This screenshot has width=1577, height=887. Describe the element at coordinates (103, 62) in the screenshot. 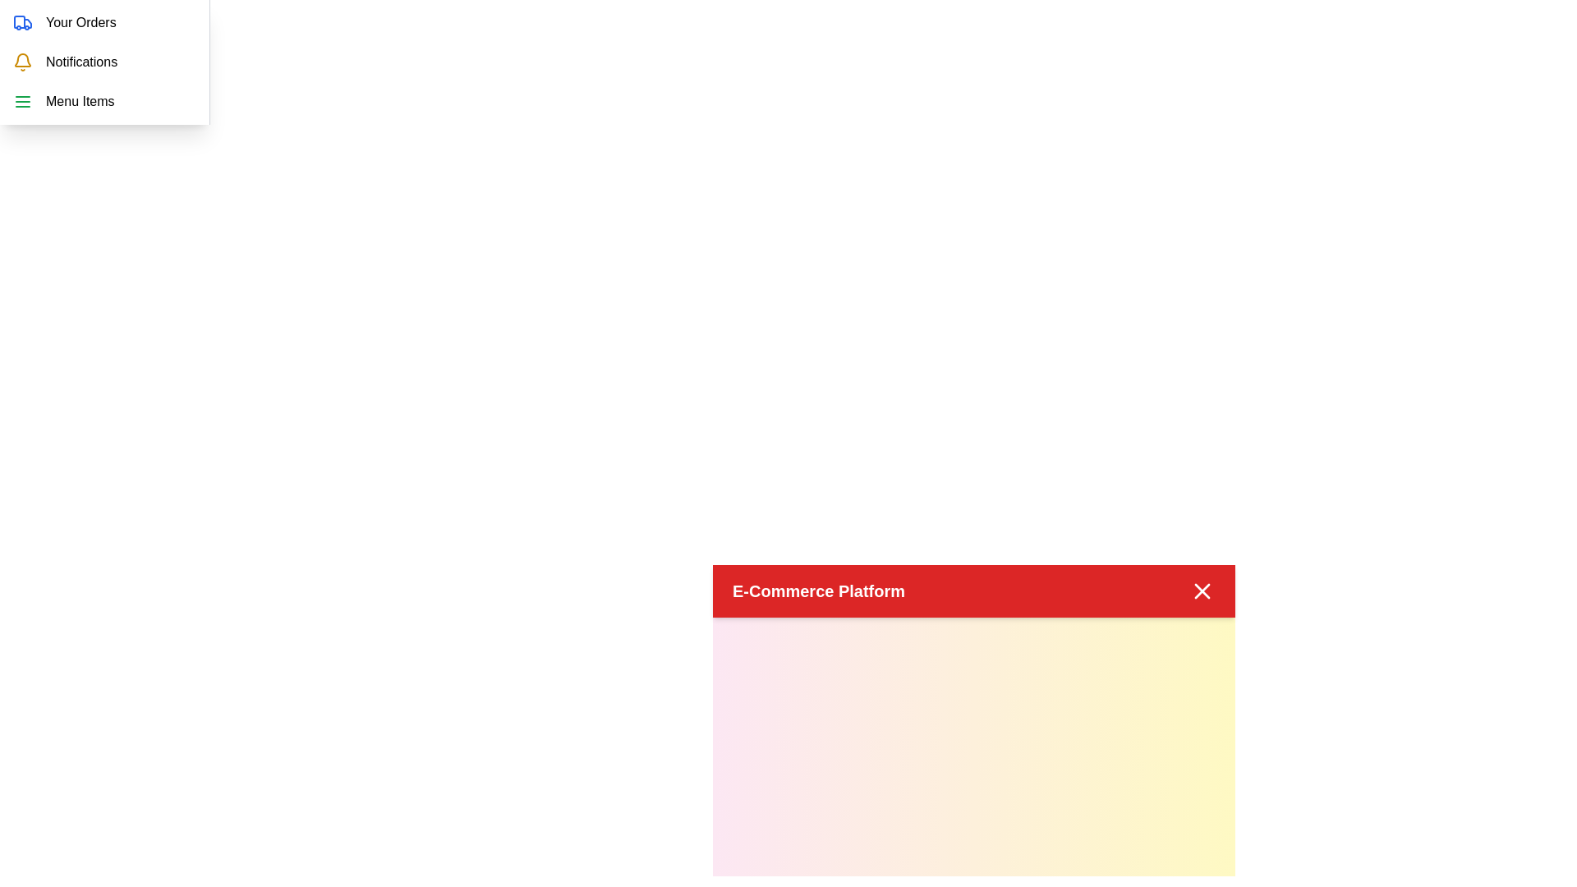

I see `the 'Notifications' navigation item, which is represented by a yellow bell icon followed by the text 'Notifications', positioned between 'Your Orders' and 'Menu Items'` at that location.